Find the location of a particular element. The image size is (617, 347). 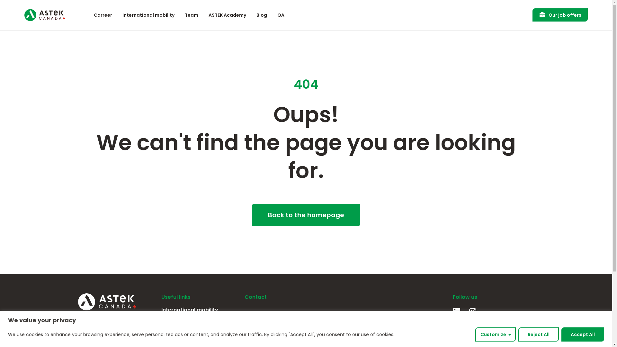

'+1 (514) 494-3262' is located at coordinates (291, 337).